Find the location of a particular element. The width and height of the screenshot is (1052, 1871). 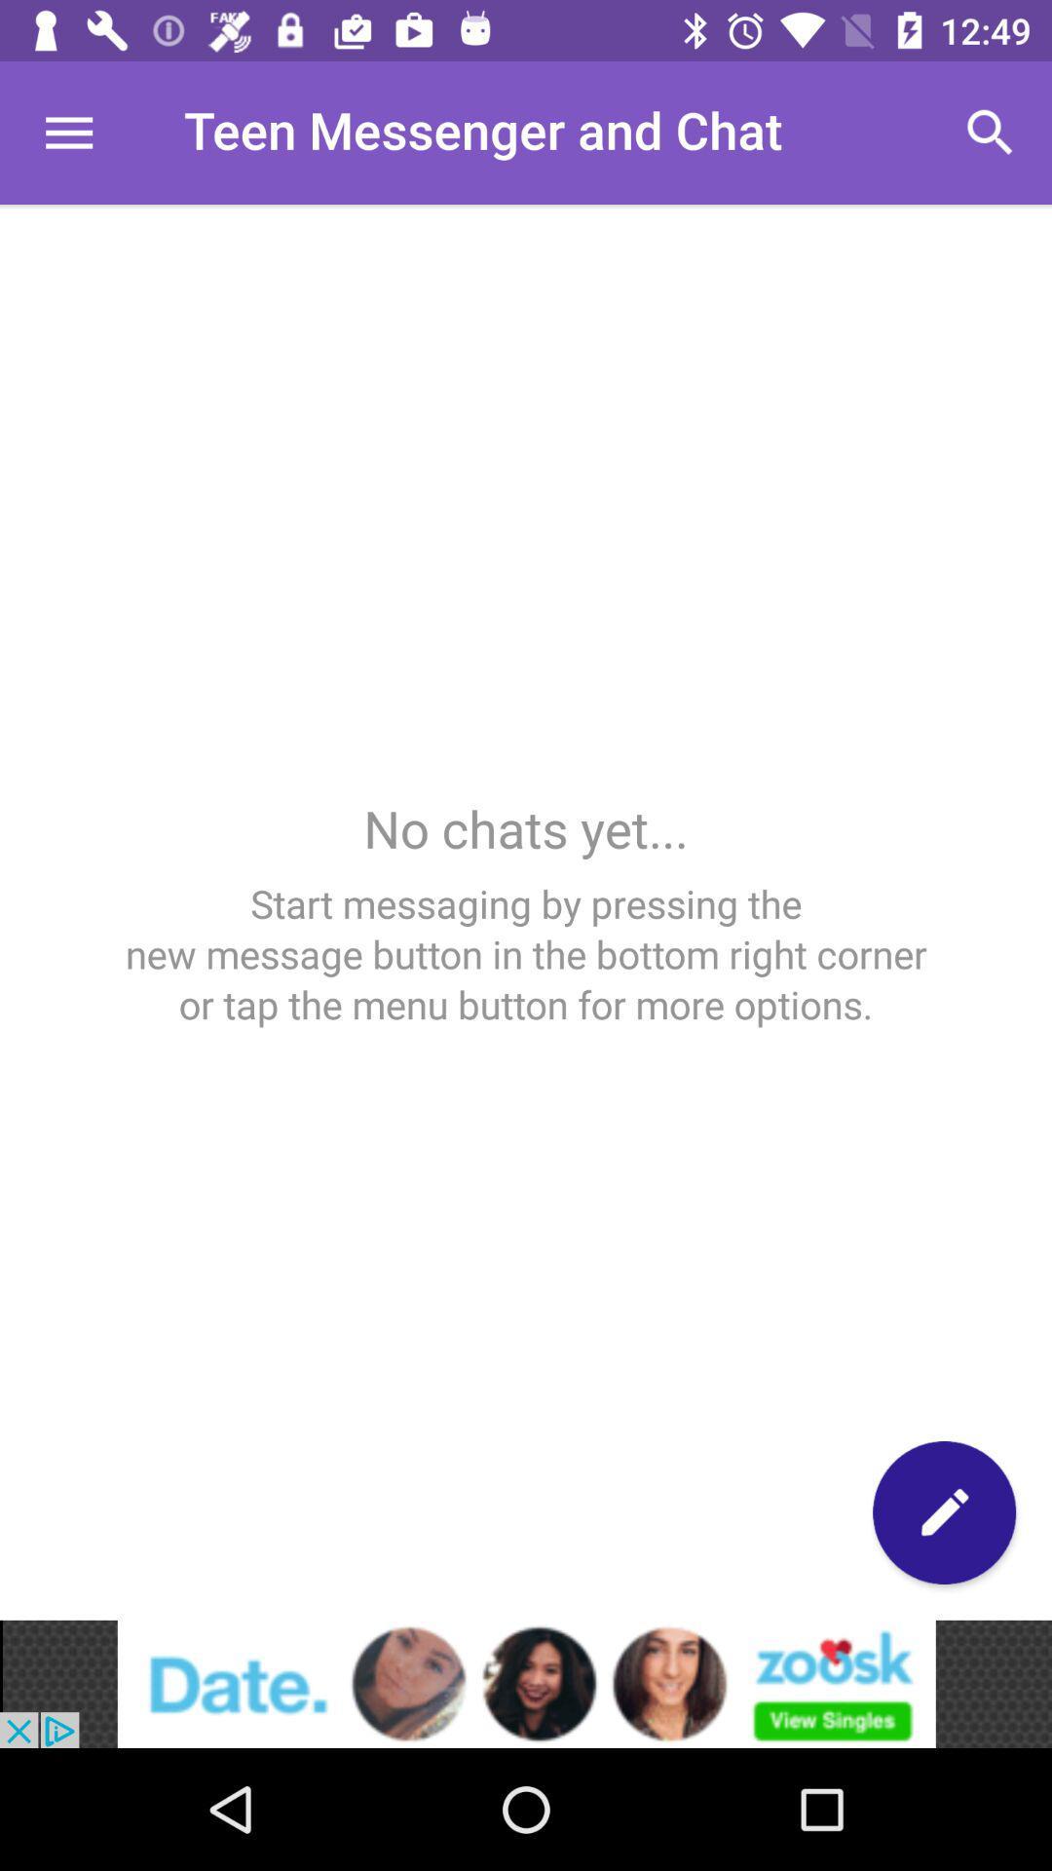

advertisement is located at coordinates (526, 1683).